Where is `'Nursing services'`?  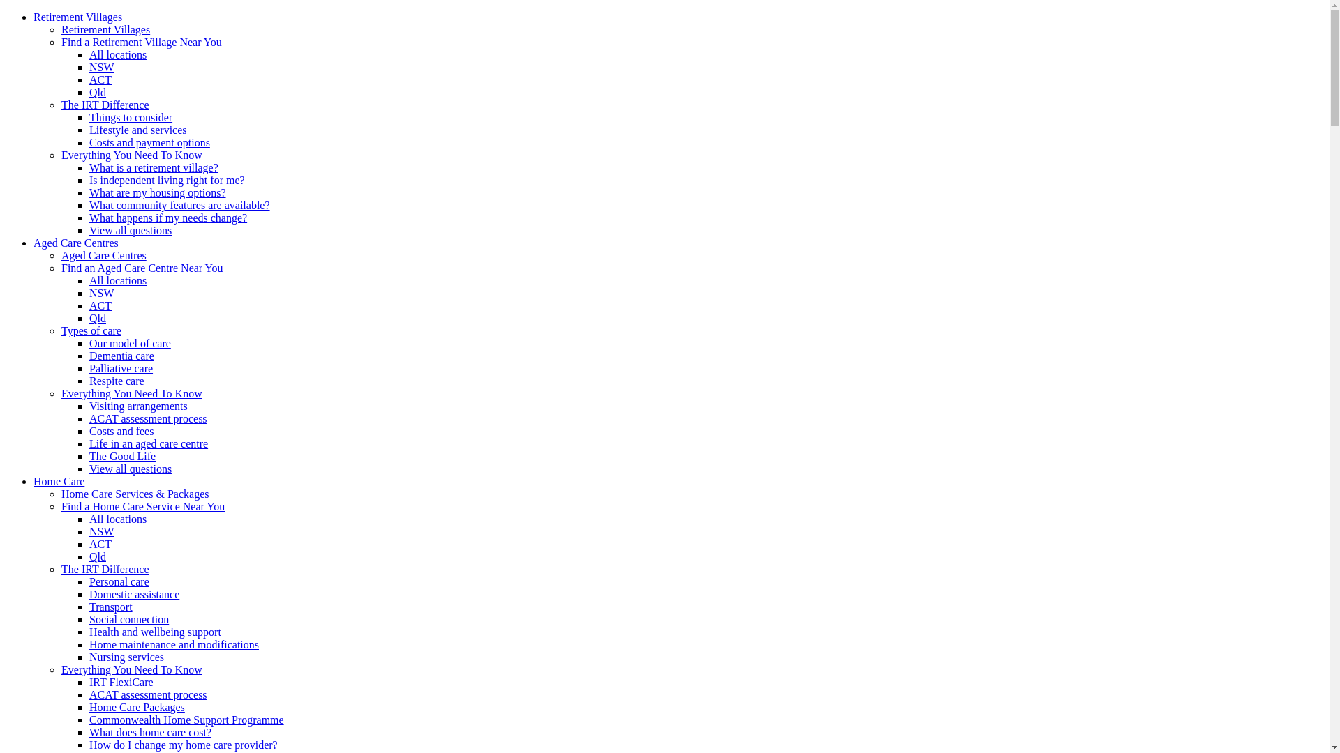 'Nursing services' is located at coordinates (126, 657).